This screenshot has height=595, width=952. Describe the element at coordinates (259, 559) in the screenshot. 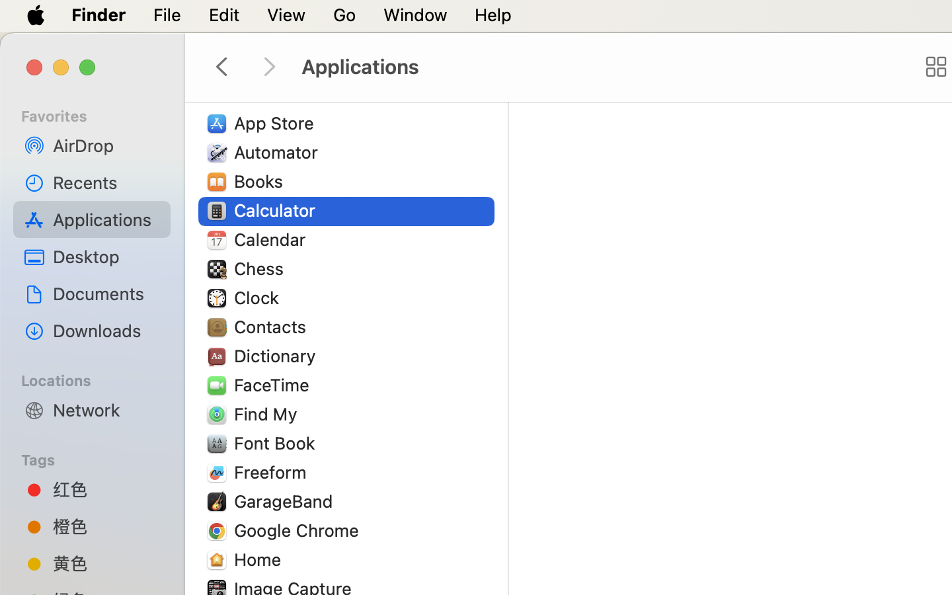

I see `'Home'` at that location.